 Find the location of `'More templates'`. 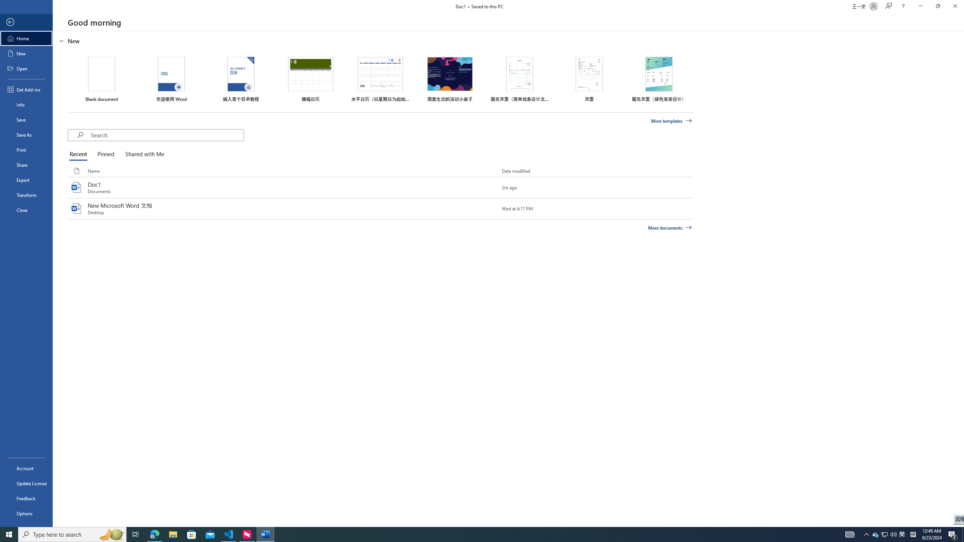

'More templates' is located at coordinates (672, 121).